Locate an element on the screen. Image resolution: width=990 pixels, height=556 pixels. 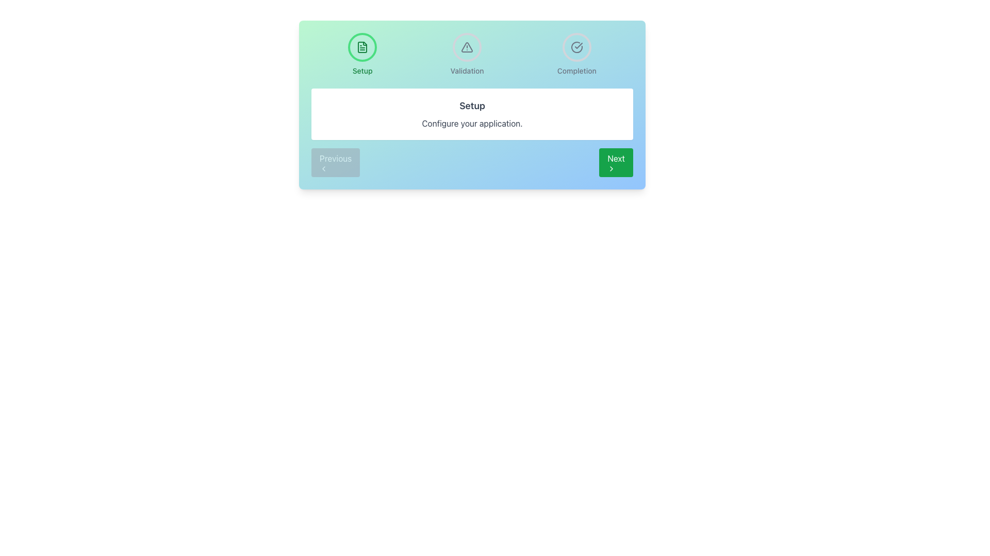
the 'Completion' text label, which indicates the final step in a sequence and is positioned below the circular check mark icon is located at coordinates (576, 71).